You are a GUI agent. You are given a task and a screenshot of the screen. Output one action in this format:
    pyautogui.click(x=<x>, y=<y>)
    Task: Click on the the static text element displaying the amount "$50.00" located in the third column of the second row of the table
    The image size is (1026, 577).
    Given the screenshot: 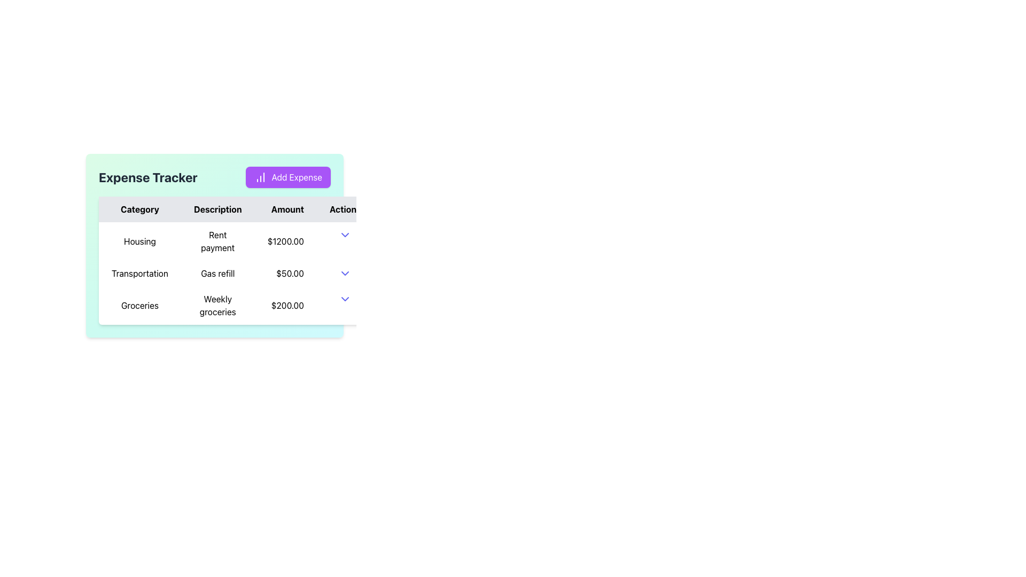 What is the action you would take?
    pyautogui.click(x=285, y=273)
    